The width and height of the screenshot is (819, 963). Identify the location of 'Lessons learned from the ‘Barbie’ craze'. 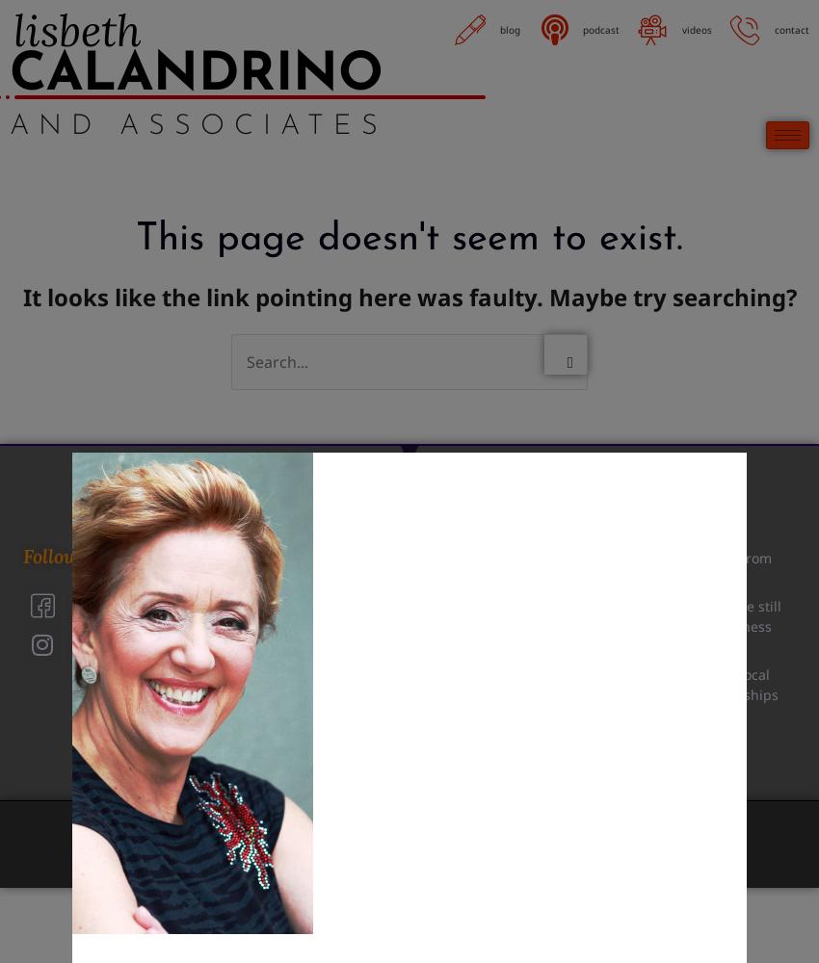
(701, 566).